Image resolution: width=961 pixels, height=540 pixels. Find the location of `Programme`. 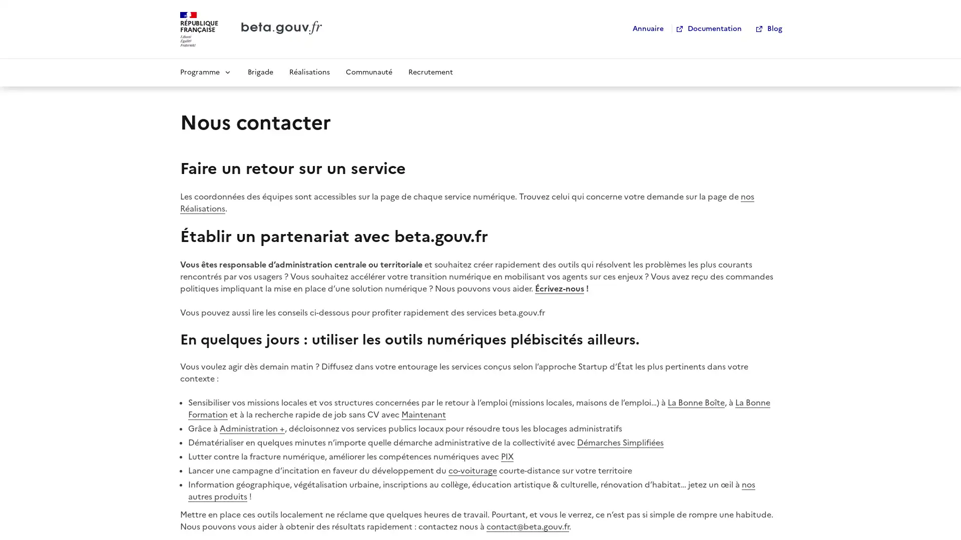

Programme is located at coordinates (205, 71).